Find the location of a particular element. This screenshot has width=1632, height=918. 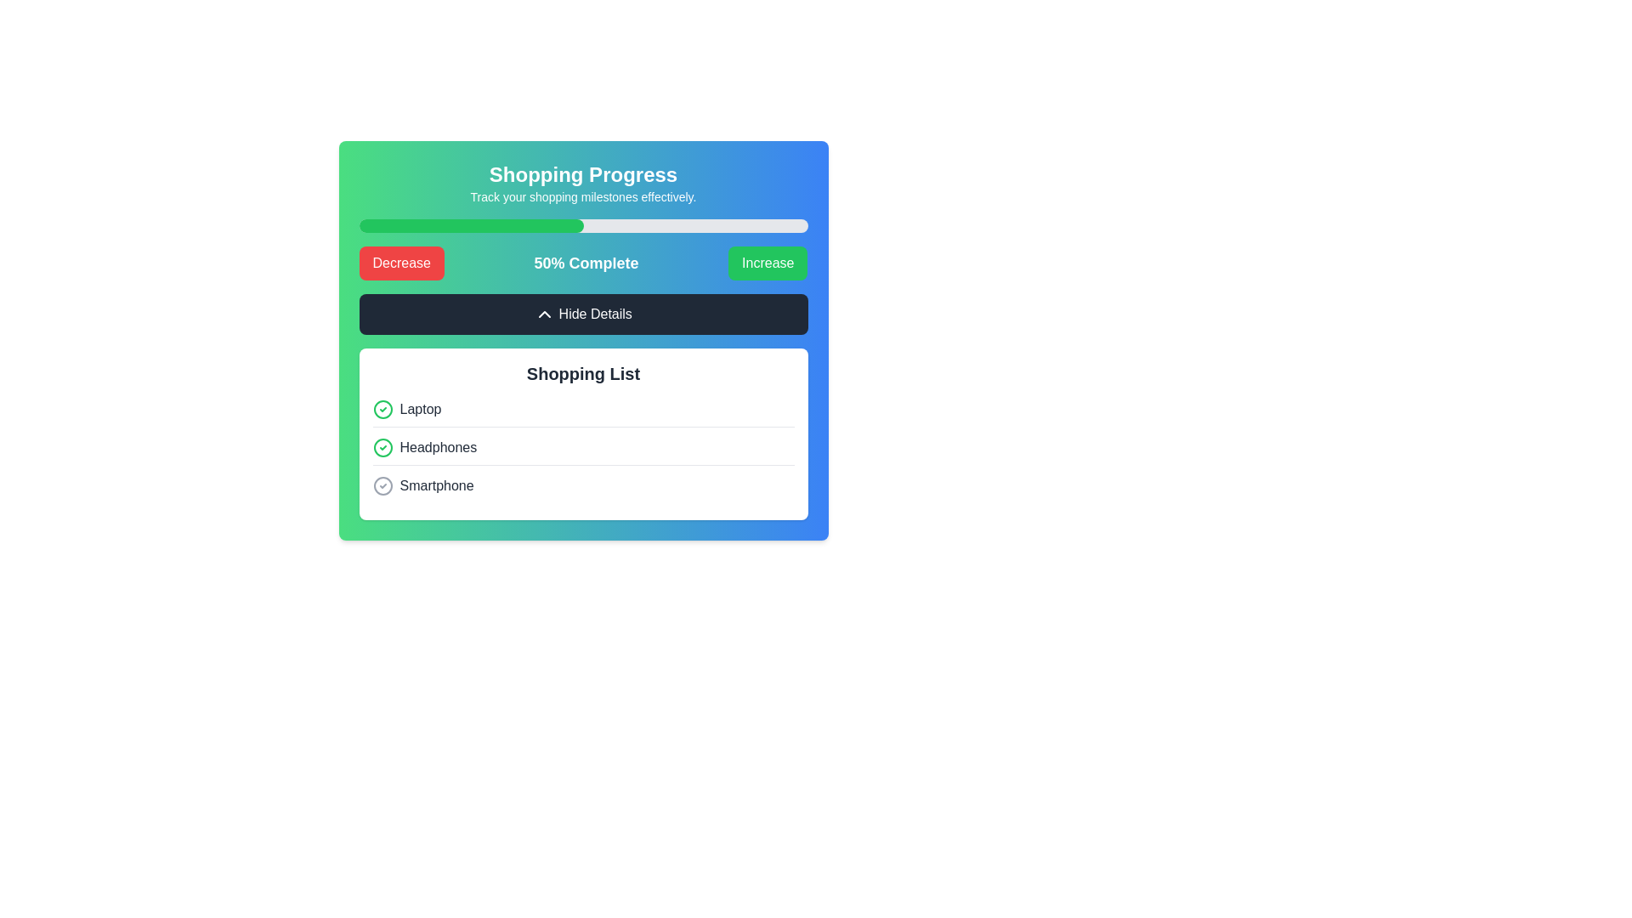

the 'Hide Details' button is located at coordinates (583, 314).